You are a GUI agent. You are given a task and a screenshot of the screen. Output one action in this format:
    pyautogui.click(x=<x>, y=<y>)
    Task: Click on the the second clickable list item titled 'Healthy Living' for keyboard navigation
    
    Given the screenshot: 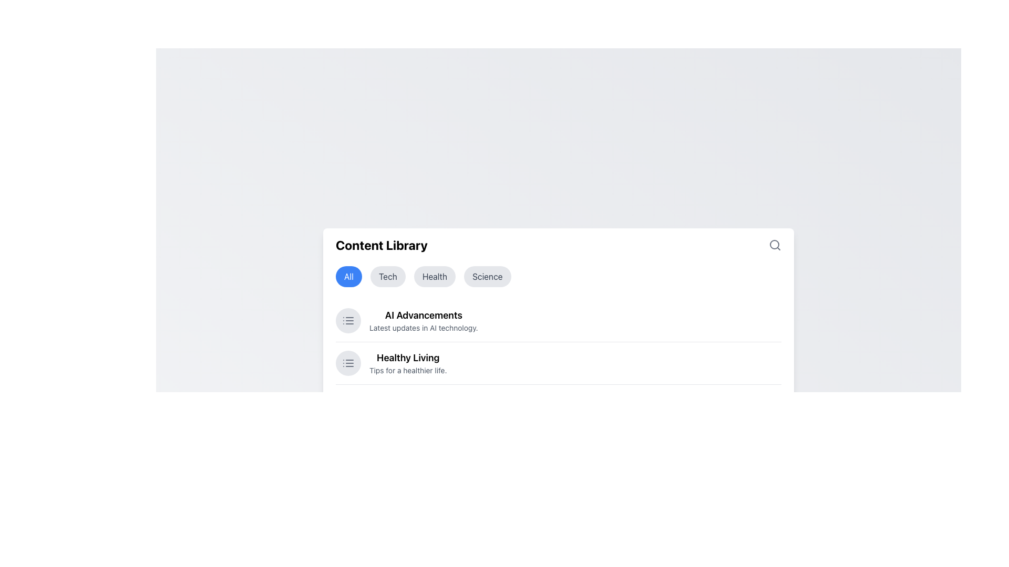 What is the action you would take?
    pyautogui.click(x=407, y=362)
    